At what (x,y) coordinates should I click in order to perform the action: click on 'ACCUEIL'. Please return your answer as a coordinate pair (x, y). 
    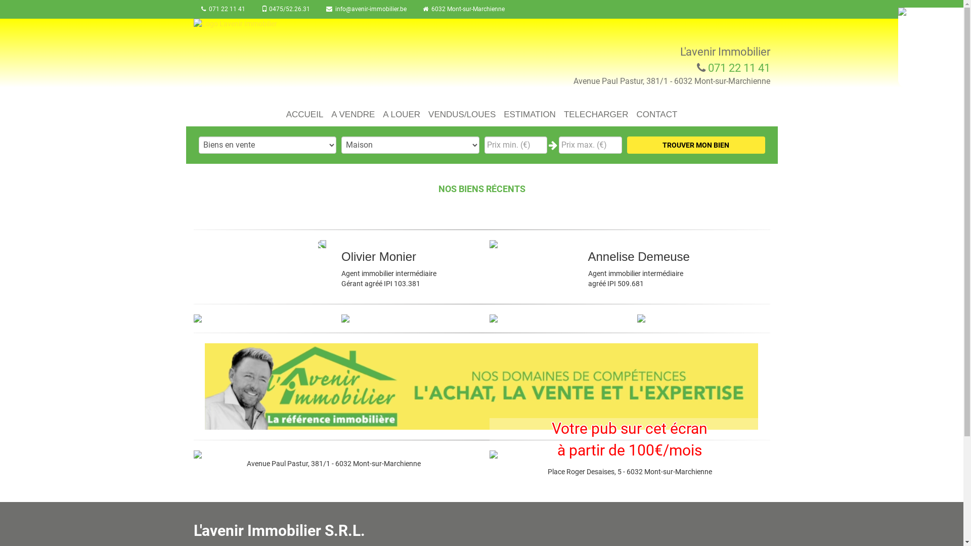
    Looking at the image, I should click on (304, 111).